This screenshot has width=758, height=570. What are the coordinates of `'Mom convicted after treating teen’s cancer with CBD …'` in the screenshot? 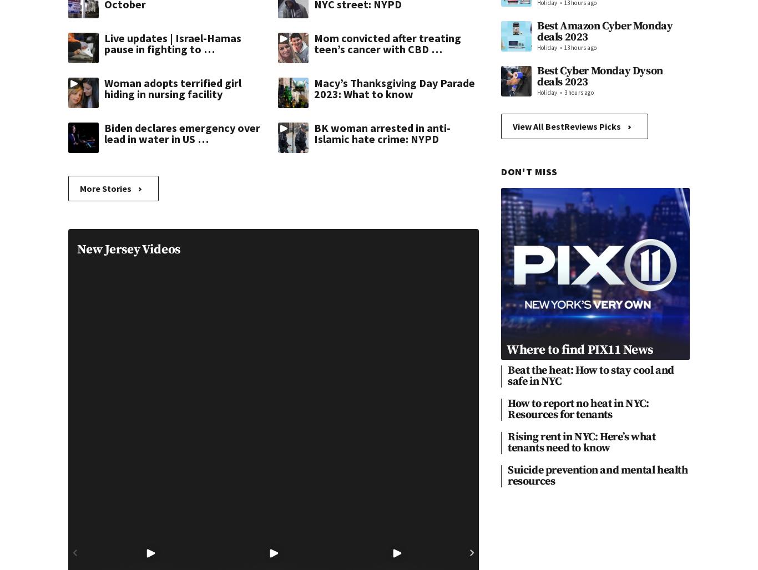 It's located at (387, 43).